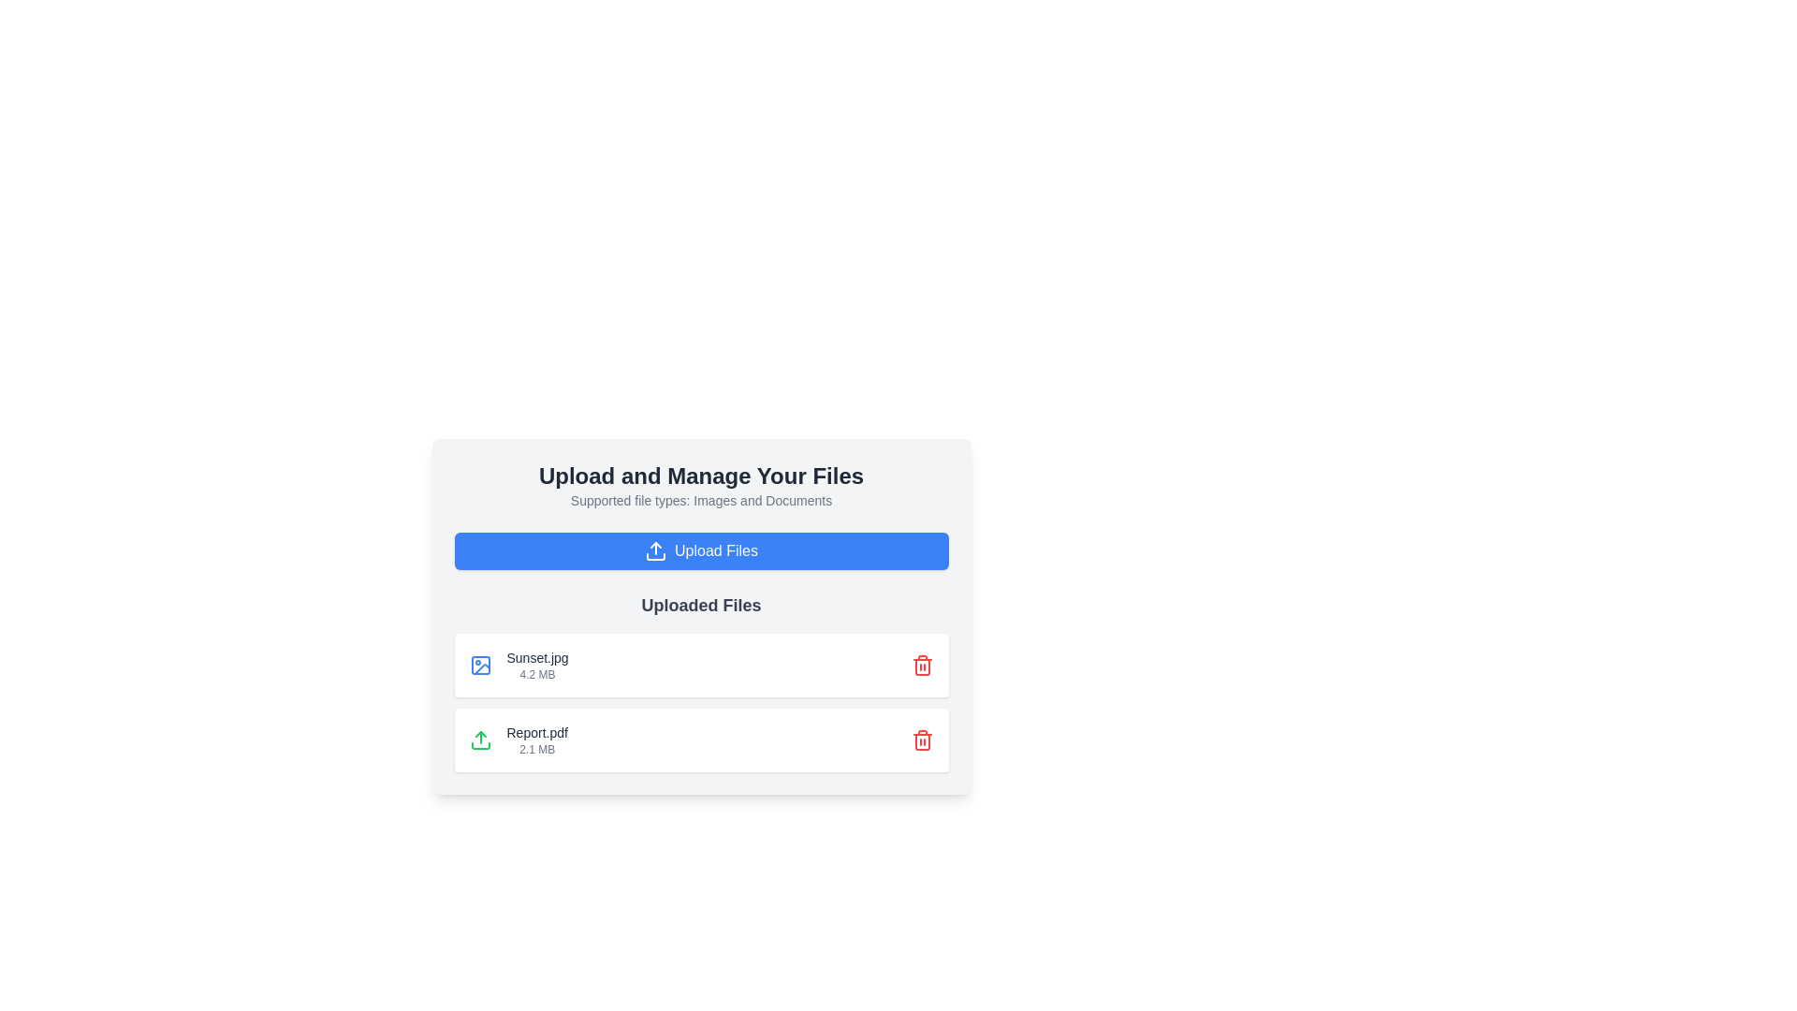  Describe the element at coordinates (700, 500) in the screenshot. I see `the static text label that informs users about acceptable file types for upload, located between the header 'Upload and Manage Your Files' and the blue button 'Upload Files'` at that location.